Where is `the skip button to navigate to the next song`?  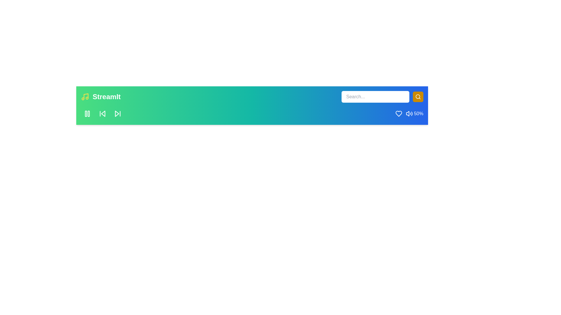 the skip button to navigate to the next song is located at coordinates (117, 113).